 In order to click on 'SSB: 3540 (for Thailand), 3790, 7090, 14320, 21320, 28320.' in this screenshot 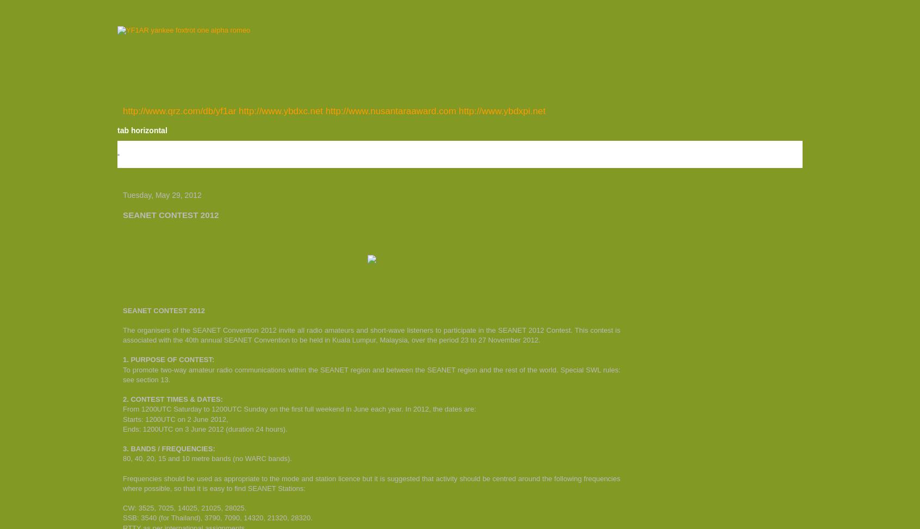, I will do `click(217, 517)`.